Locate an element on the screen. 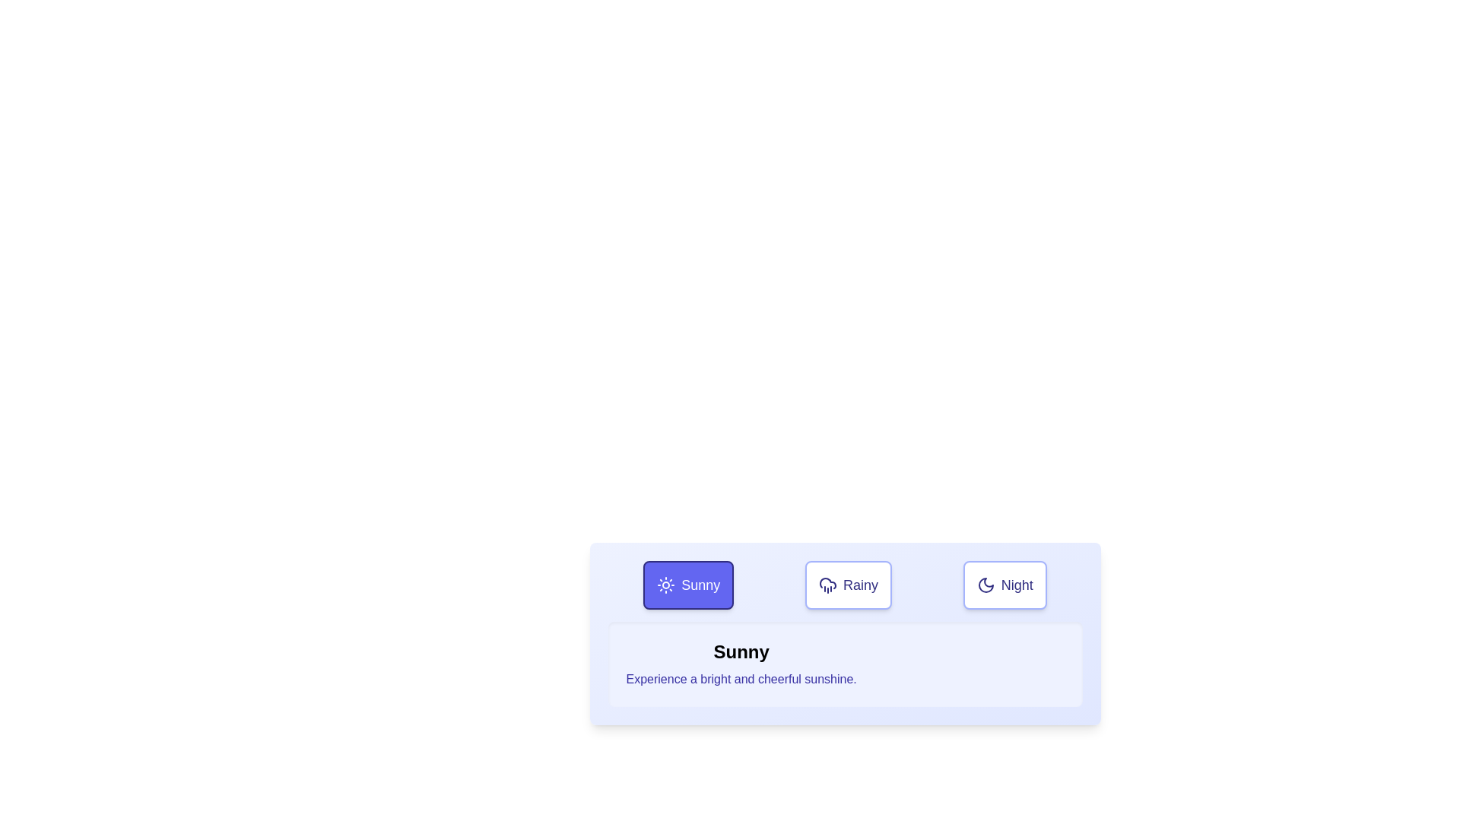 This screenshot has width=1460, height=821. the 'Night' button, which has a white background, indigo border, and indigo text is located at coordinates (1005, 585).